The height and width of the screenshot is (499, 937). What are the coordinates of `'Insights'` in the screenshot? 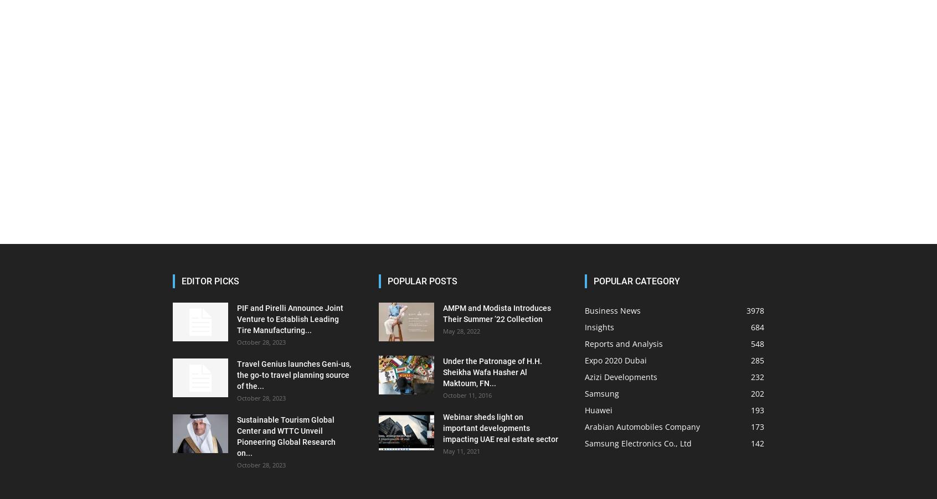 It's located at (599, 327).